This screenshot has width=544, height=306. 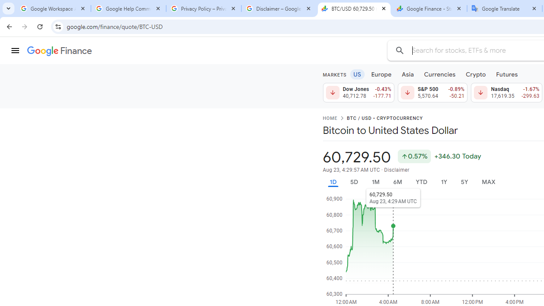 What do you see at coordinates (59, 51) in the screenshot?
I see `'Finance'` at bounding box center [59, 51].